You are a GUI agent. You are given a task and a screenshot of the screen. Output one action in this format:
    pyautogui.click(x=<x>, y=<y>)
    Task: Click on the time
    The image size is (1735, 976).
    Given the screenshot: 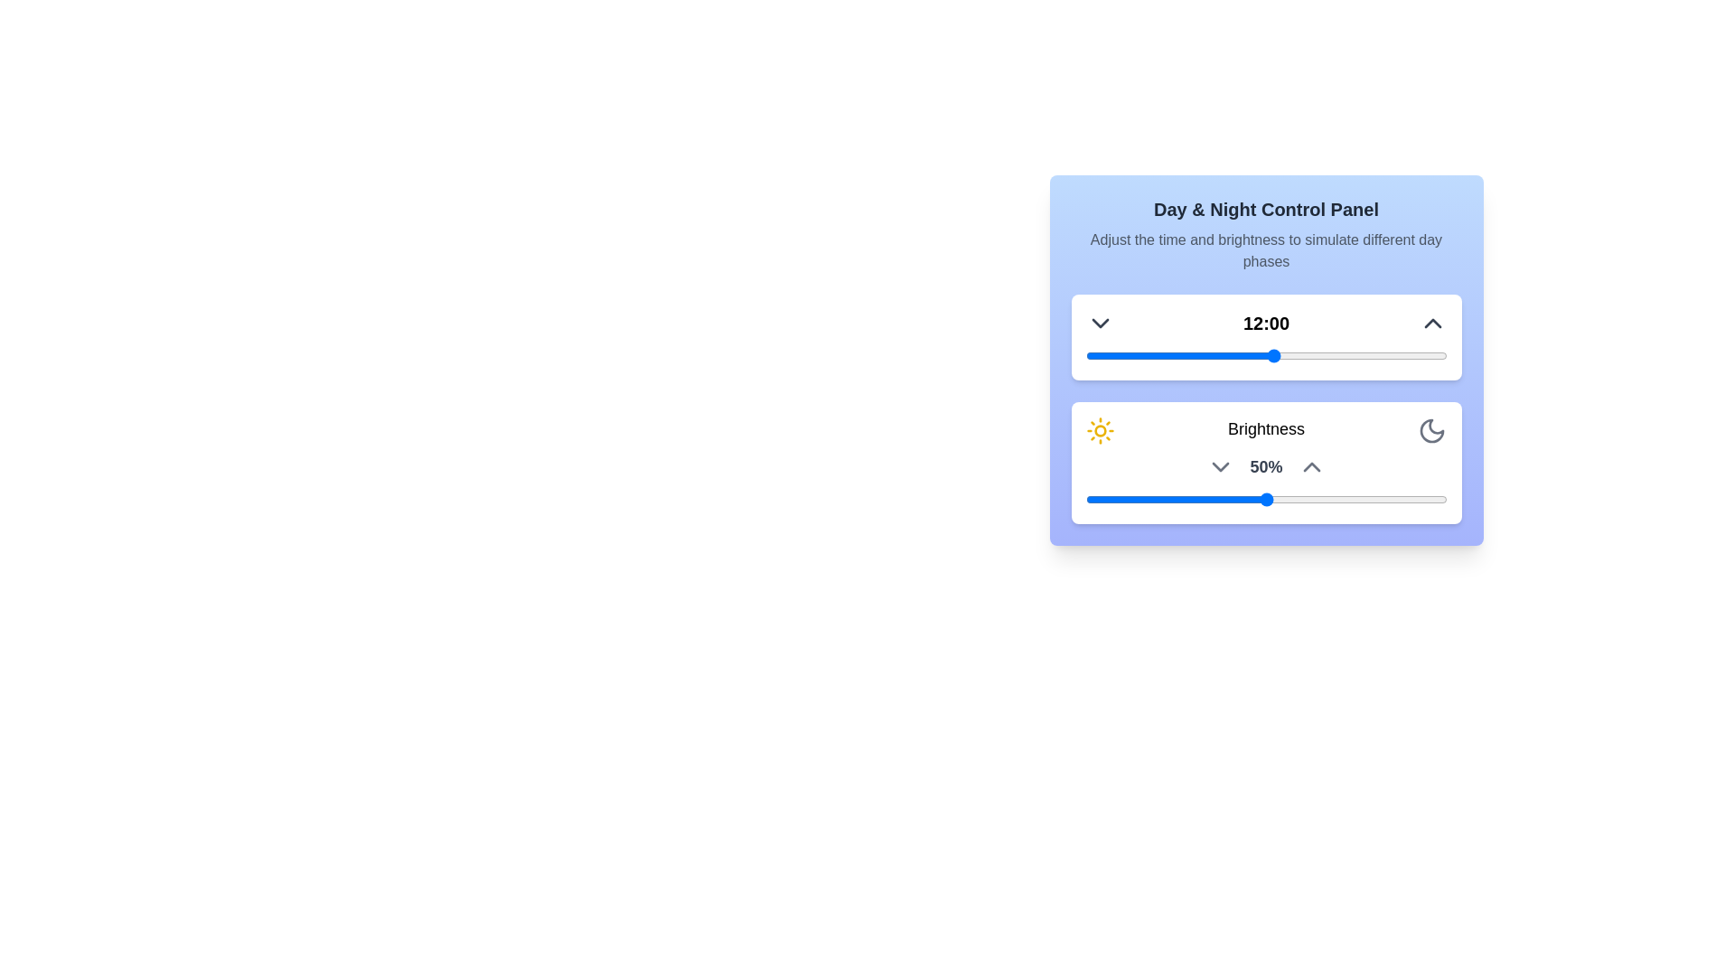 What is the action you would take?
    pyautogui.click(x=1353, y=355)
    